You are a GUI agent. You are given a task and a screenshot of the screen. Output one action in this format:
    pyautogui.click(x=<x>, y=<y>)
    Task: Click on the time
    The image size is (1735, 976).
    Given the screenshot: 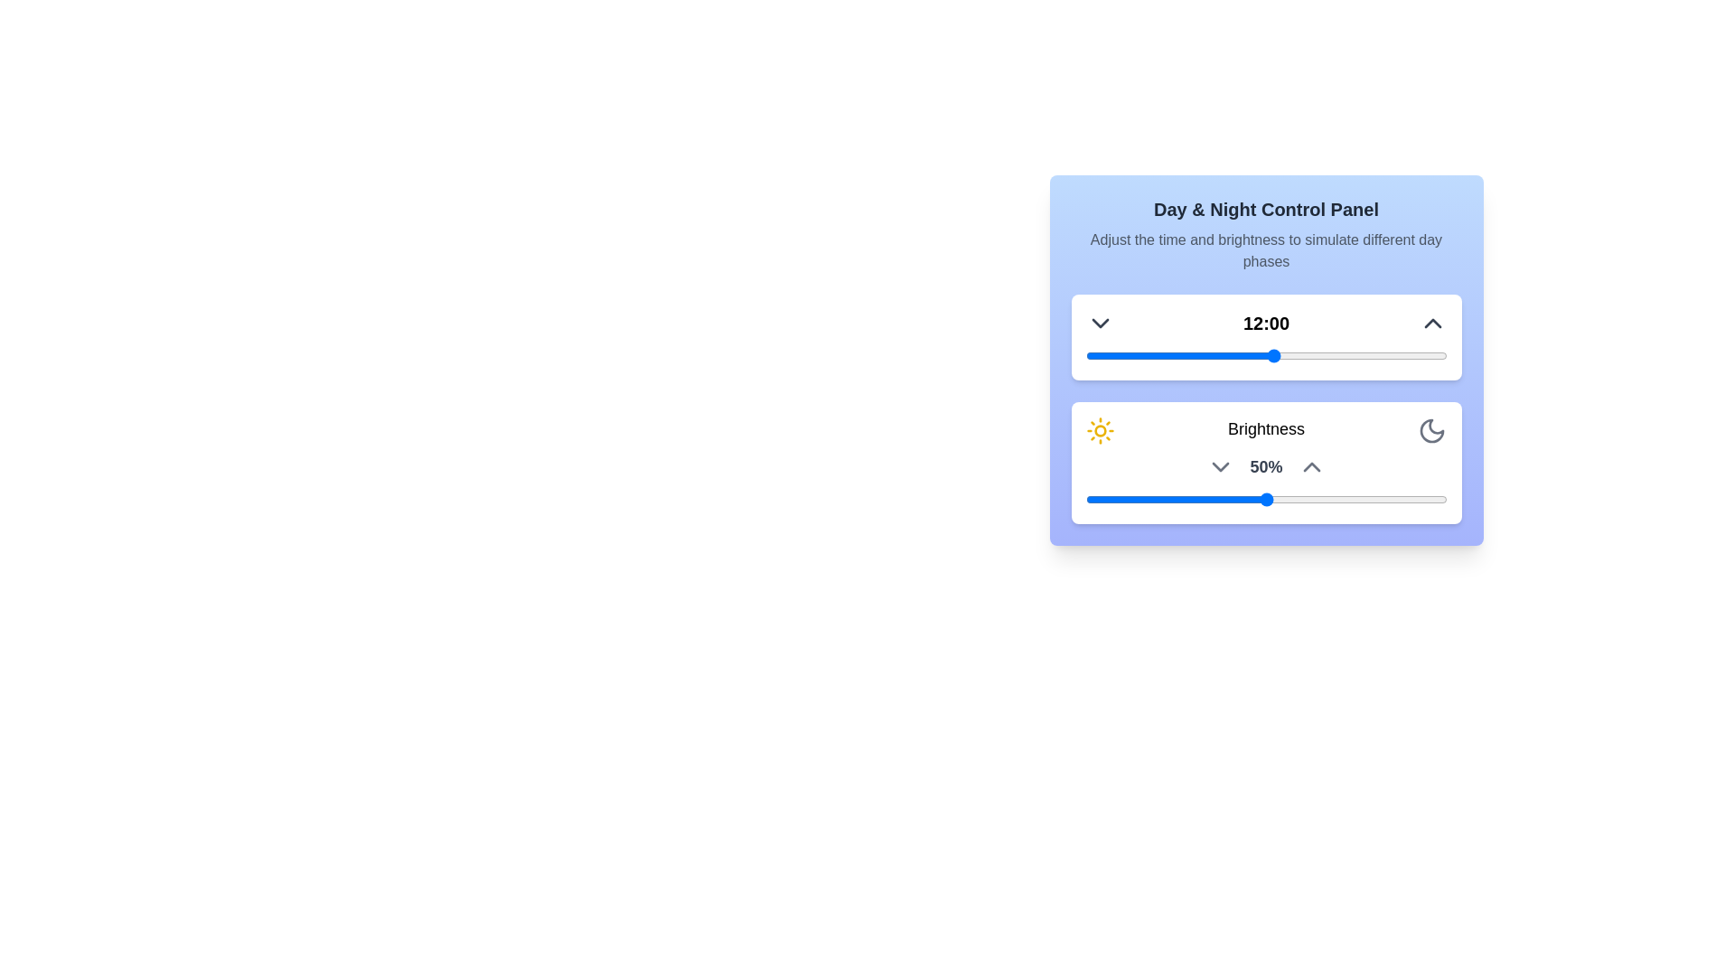 What is the action you would take?
    pyautogui.click(x=1353, y=355)
    